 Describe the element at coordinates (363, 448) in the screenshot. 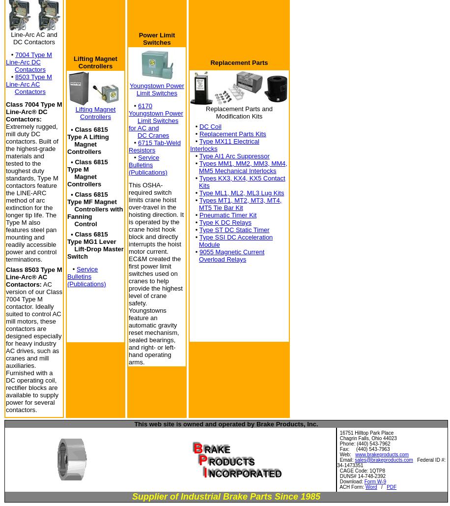

I see `'Fax:     (440) 543-7963'` at that location.